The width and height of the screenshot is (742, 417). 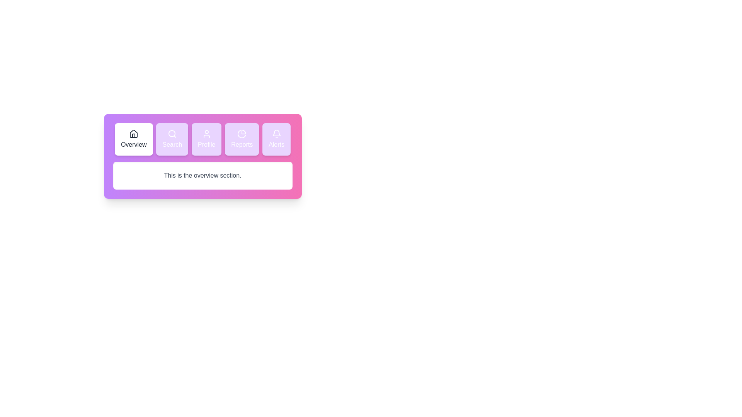 I want to click on the 'Reports' icon located inside the fourth button of the horizontal navigation bar, so click(x=242, y=134).